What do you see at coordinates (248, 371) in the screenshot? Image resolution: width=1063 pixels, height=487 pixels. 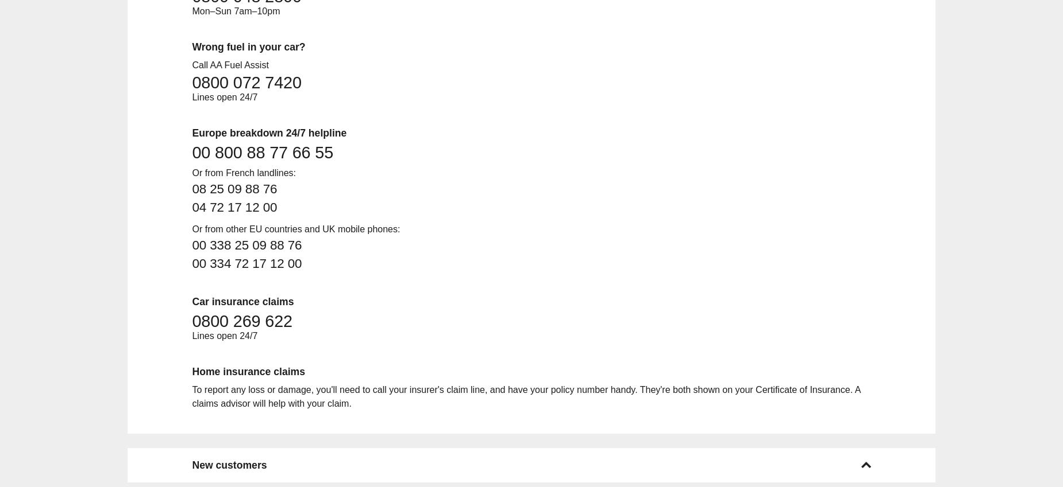 I see `'Home insurance claims'` at bounding box center [248, 371].